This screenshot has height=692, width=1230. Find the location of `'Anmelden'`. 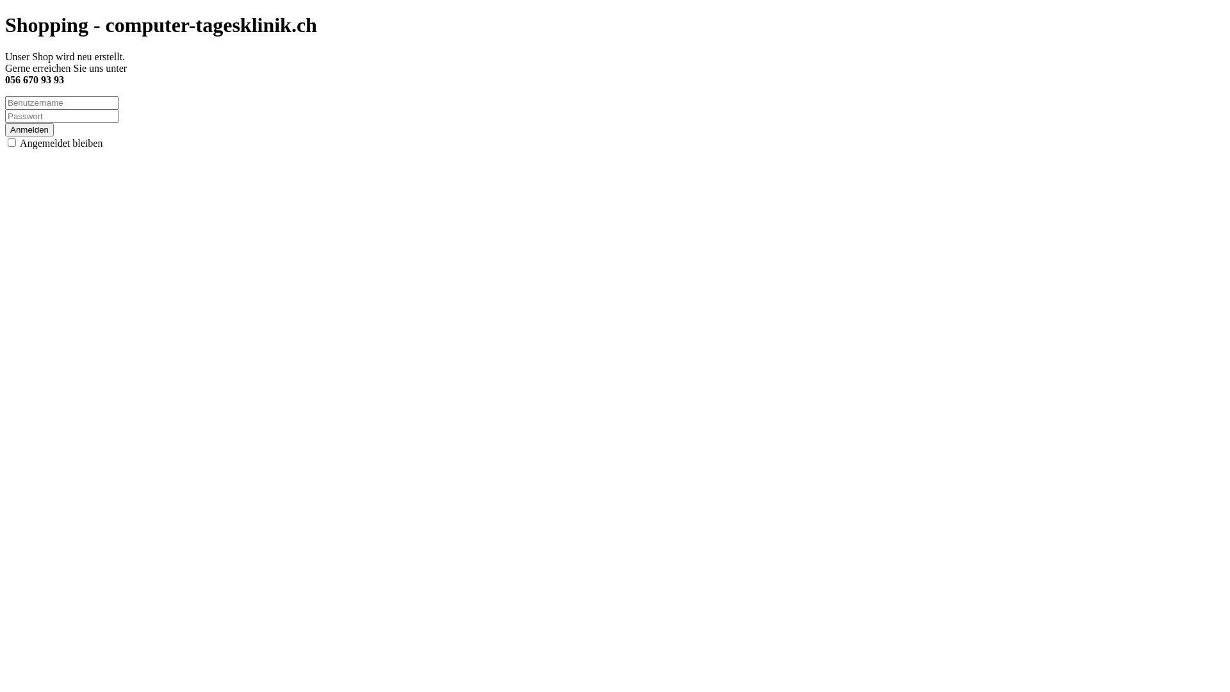

'Anmelden' is located at coordinates (29, 129).